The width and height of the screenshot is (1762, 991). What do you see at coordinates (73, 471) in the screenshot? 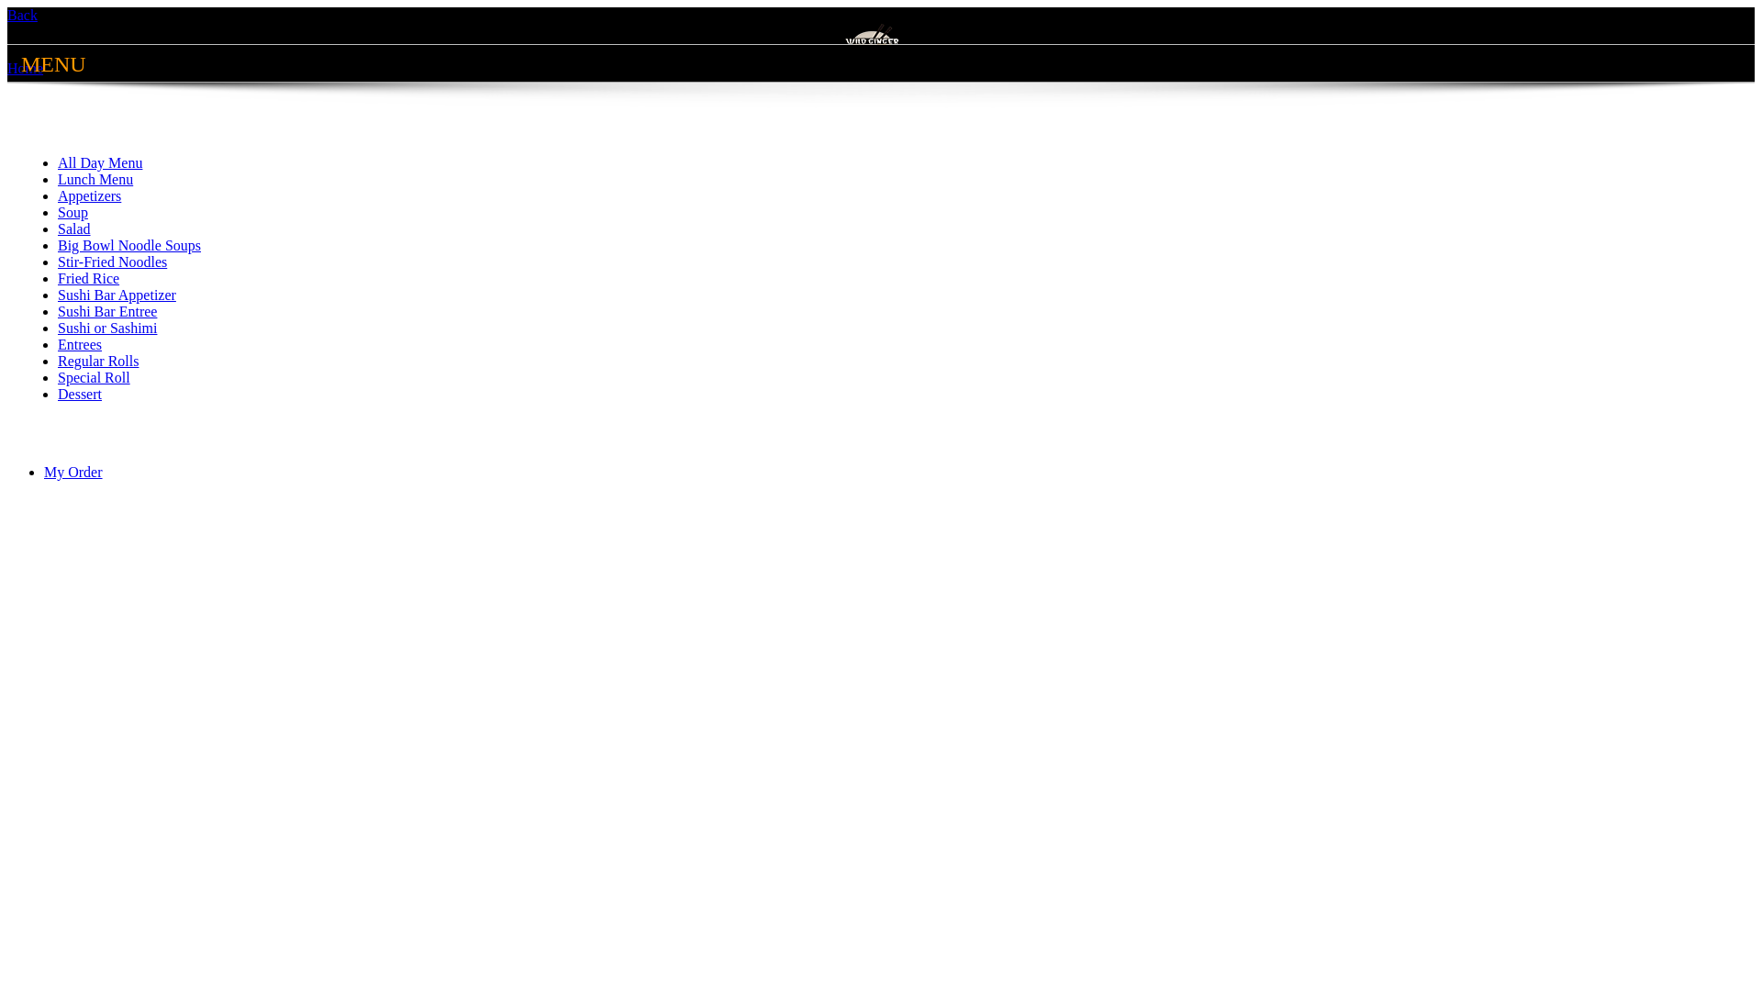
I see `'My Order'` at bounding box center [73, 471].